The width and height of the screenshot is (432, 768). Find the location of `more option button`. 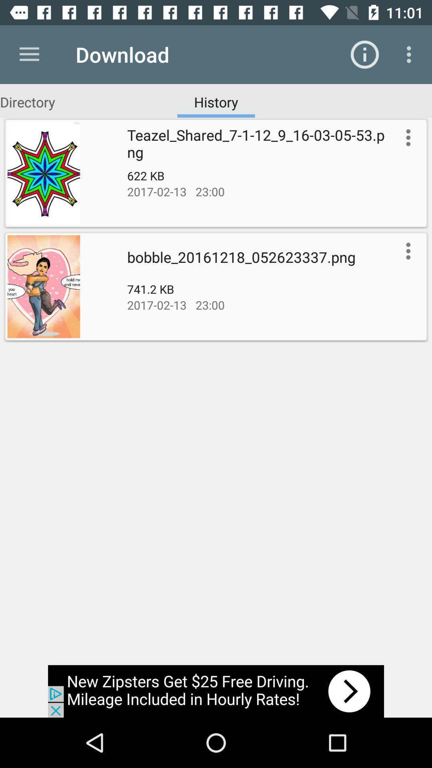

more option button is located at coordinates (406, 138).